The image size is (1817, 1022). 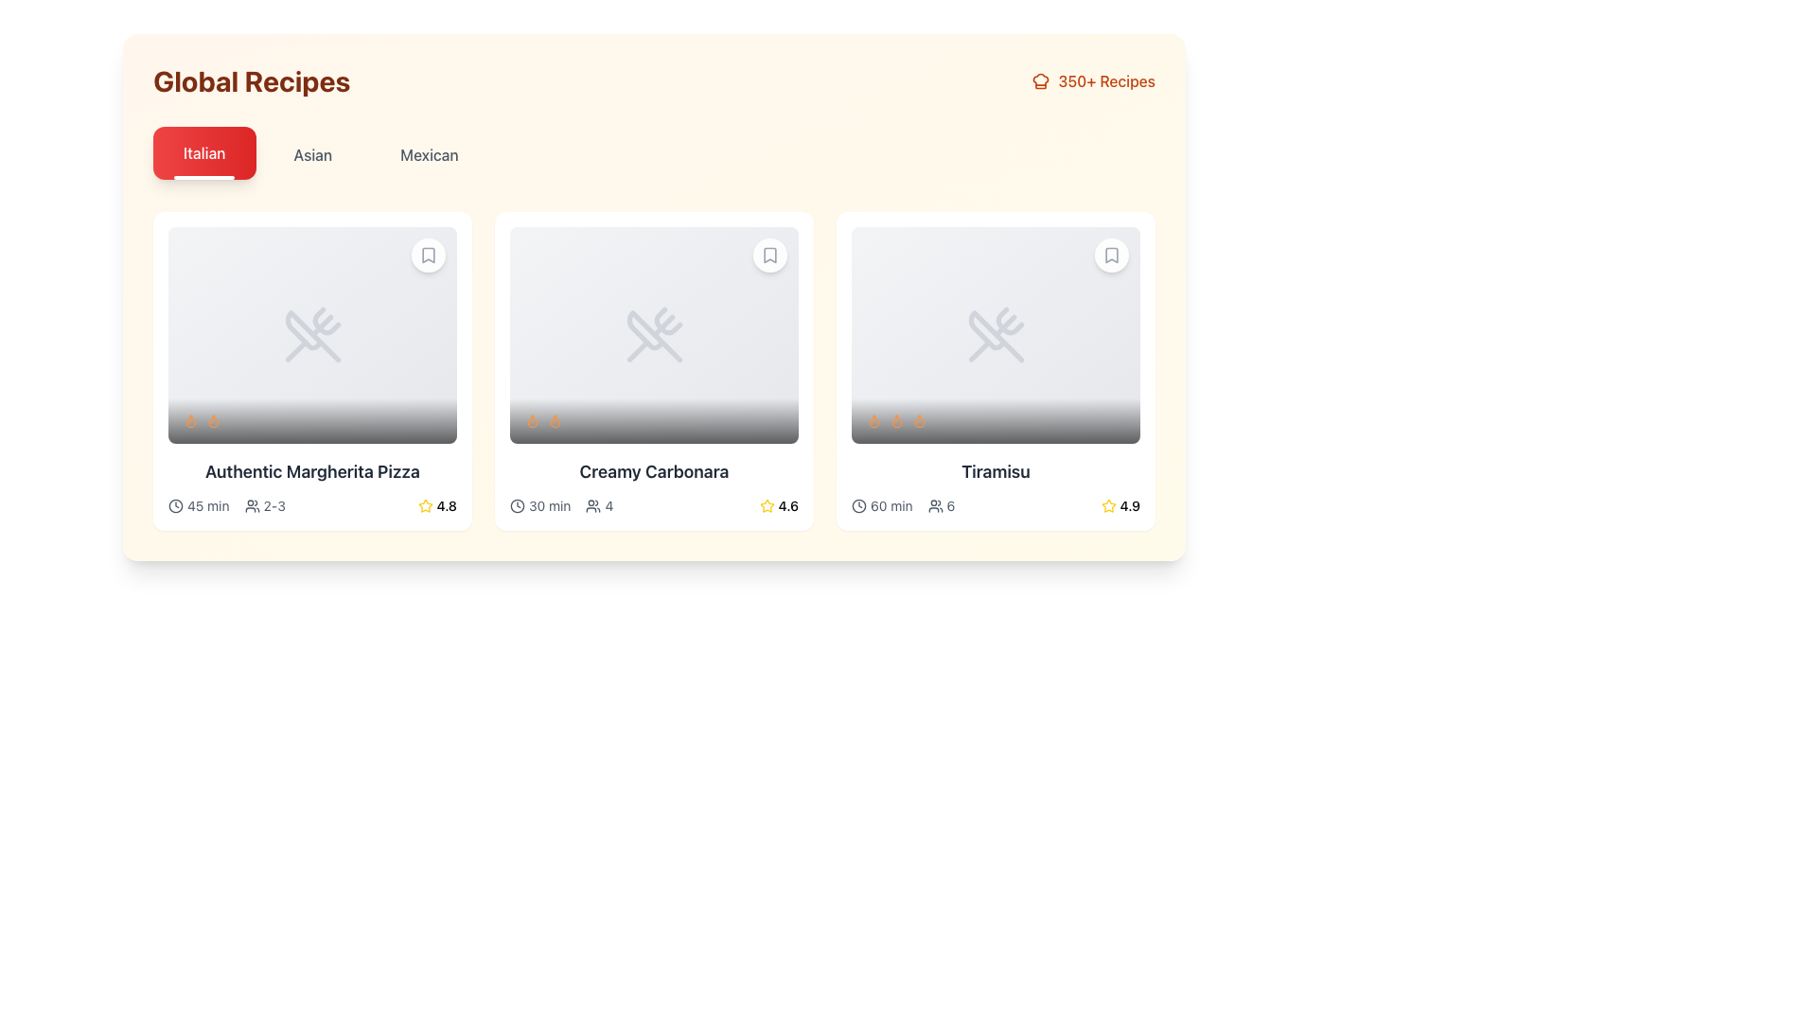 I want to click on the 'Creamy Carbonara' recipe image placeholder, which serves as the main image for the second recipe card in the 'Italian' tab of the 'Global Recipes' section, so click(x=654, y=334).